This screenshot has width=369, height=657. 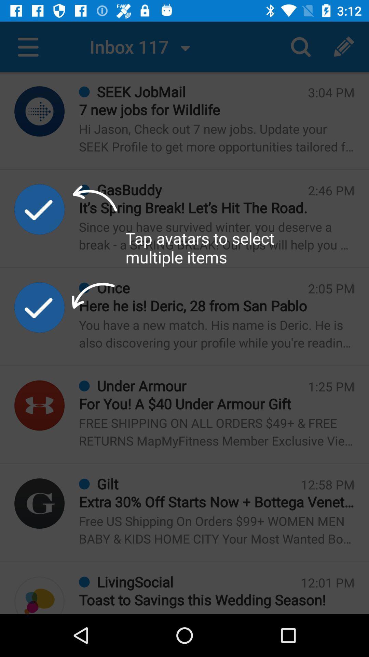 I want to click on tap to select, so click(x=39, y=209).